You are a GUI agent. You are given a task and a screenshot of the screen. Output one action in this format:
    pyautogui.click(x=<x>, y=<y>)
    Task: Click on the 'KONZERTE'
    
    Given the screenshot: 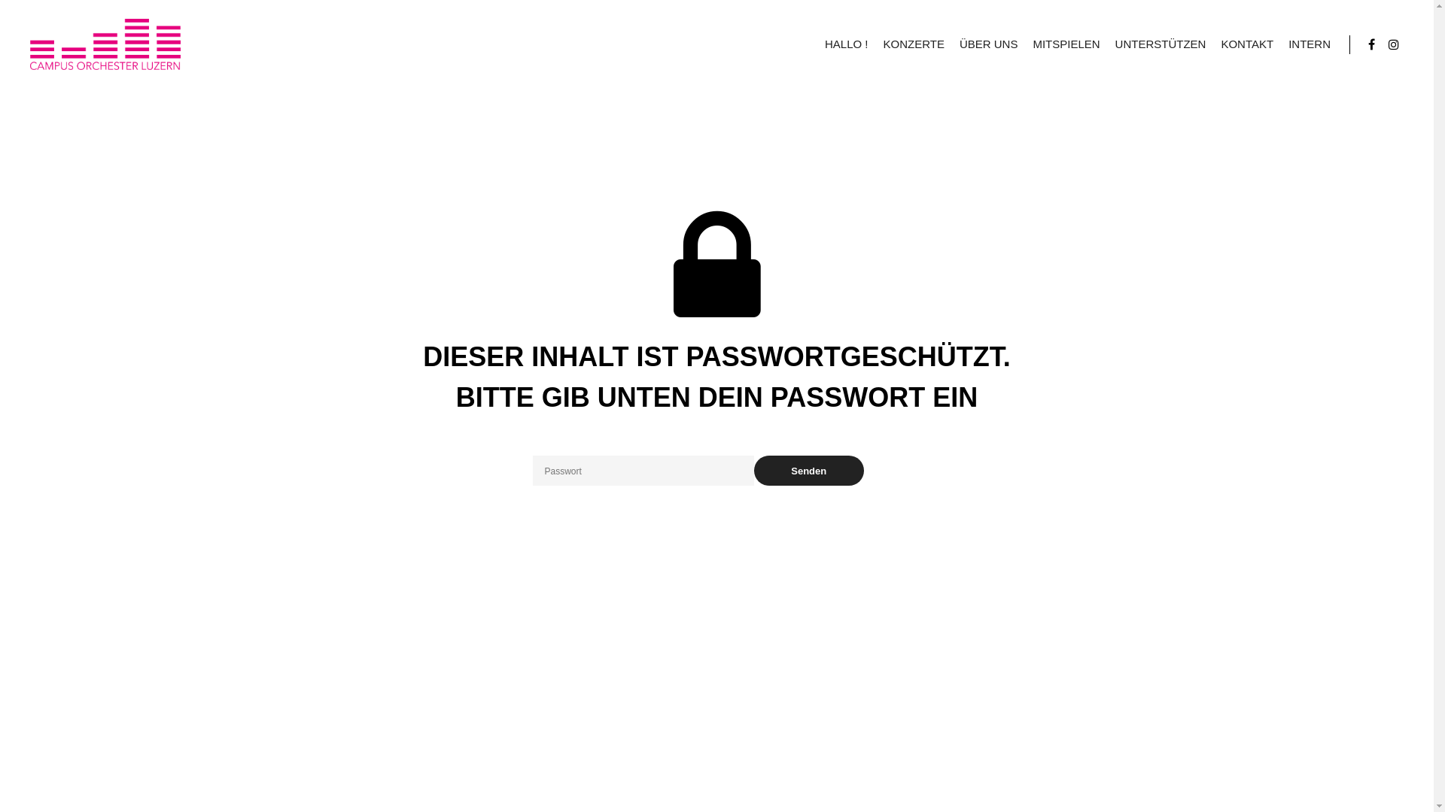 What is the action you would take?
    pyautogui.click(x=912, y=43)
    